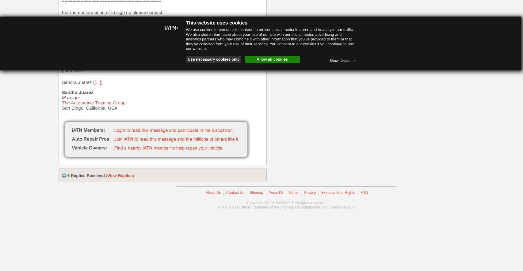 This screenshot has width=523, height=271. What do you see at coordinates (272, 59) in the screenshot?
I see `'Allow all cookies'` at bounding box center [272, 59].